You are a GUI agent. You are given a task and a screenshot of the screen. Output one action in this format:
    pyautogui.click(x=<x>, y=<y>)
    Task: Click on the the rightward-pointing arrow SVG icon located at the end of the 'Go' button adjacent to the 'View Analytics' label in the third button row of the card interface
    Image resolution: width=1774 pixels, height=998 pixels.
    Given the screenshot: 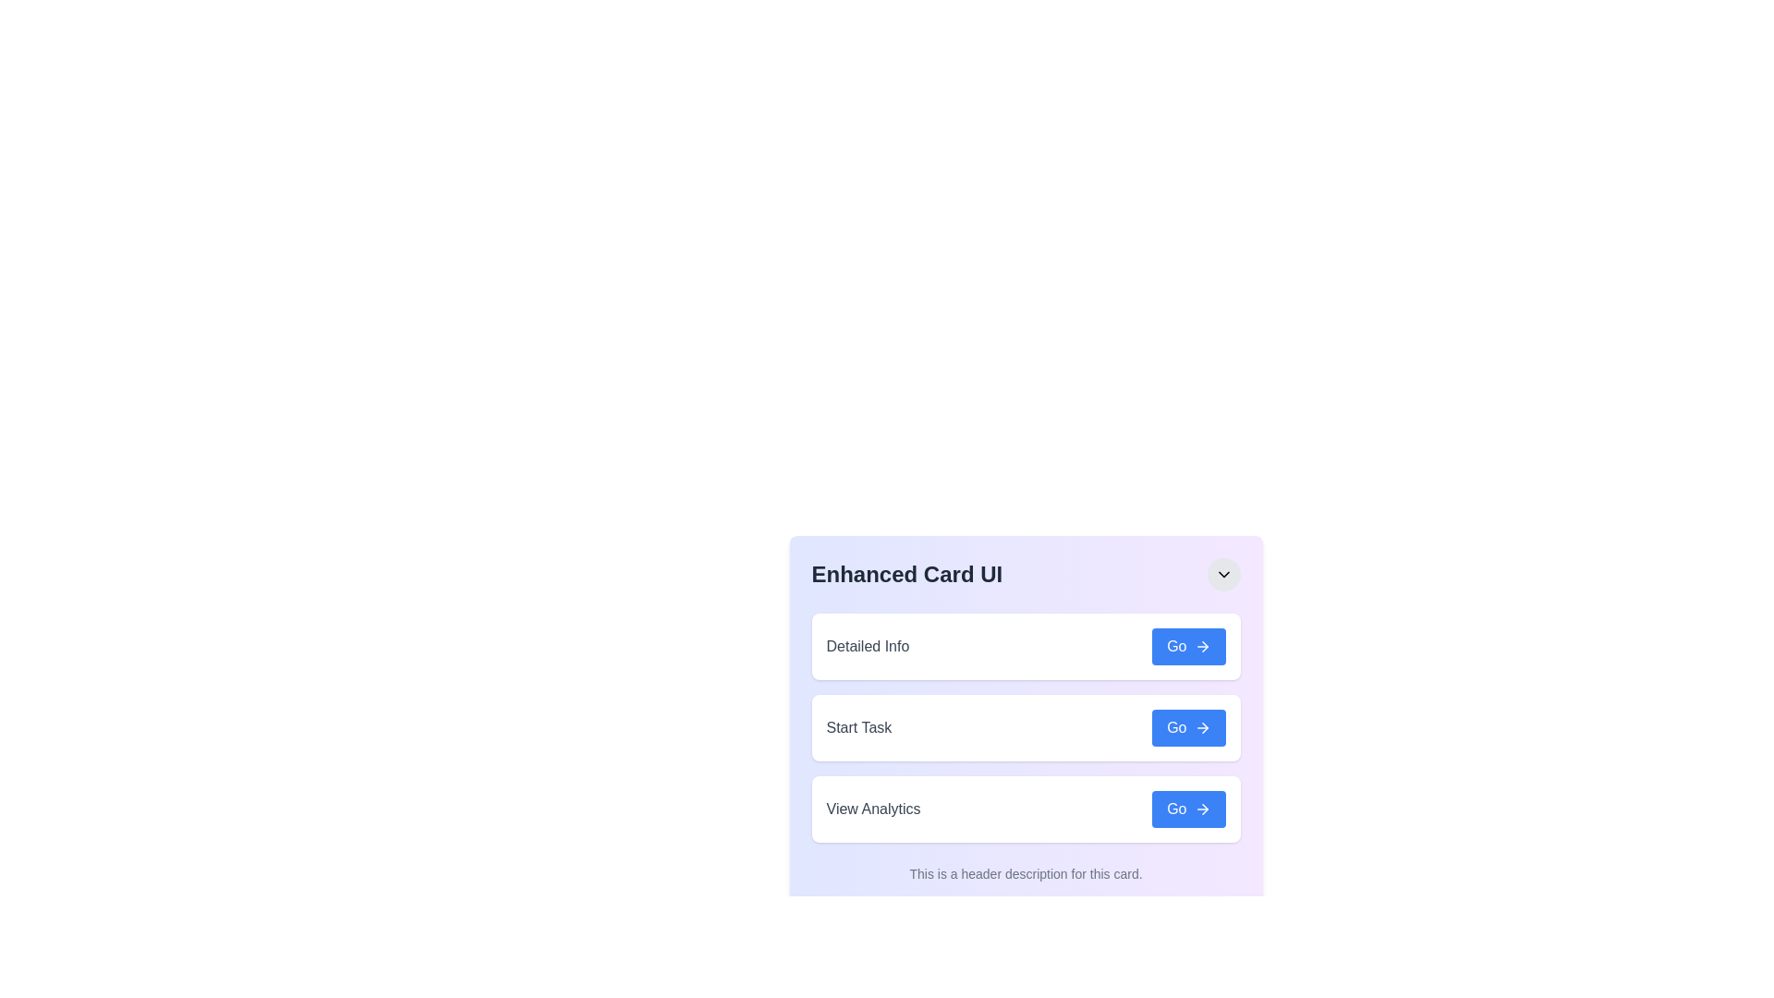 What is the action you would take?
    pyautogui.click(x=1205, y=808)
    